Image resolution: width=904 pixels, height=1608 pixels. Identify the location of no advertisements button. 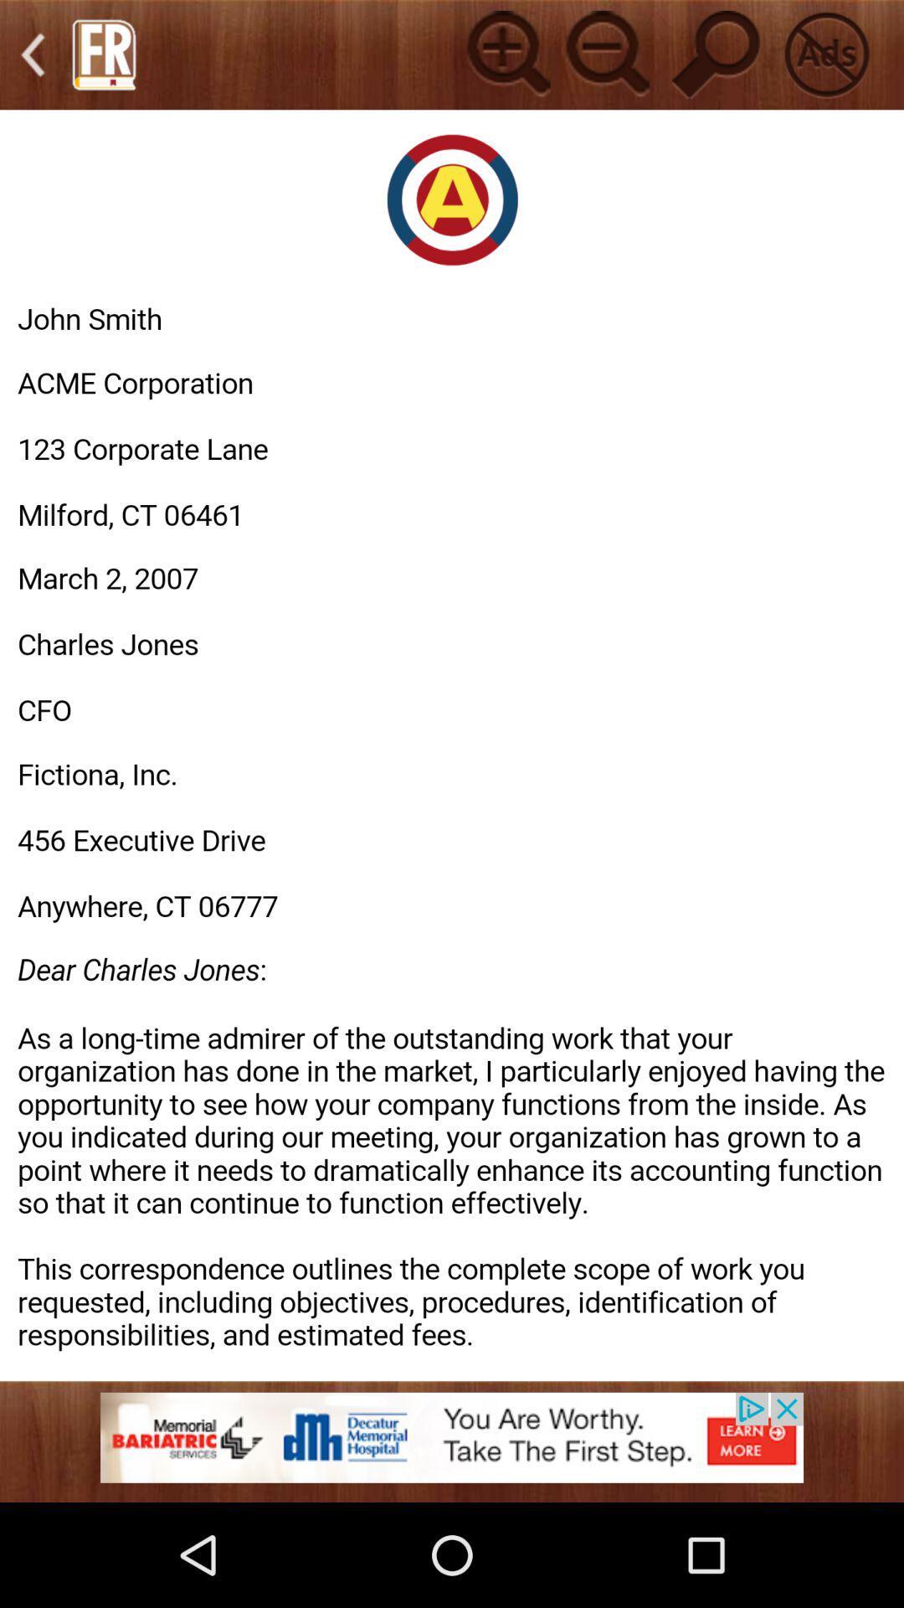
(825, 54).